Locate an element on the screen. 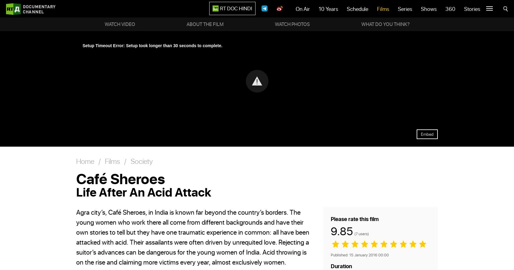 This screenshot has width=514, height=270. 'Published: 15 January 2016 00:00' is located at coordinates (330, 254).